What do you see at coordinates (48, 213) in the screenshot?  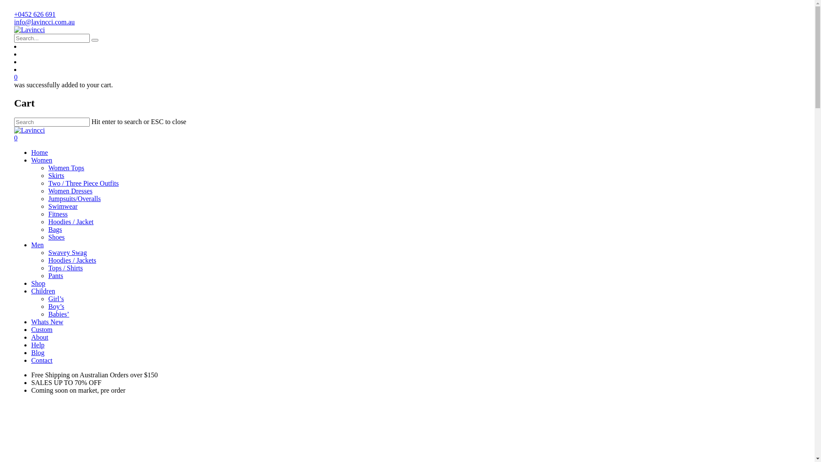 I see `'Fitness'` at bounding box center [48, 213].